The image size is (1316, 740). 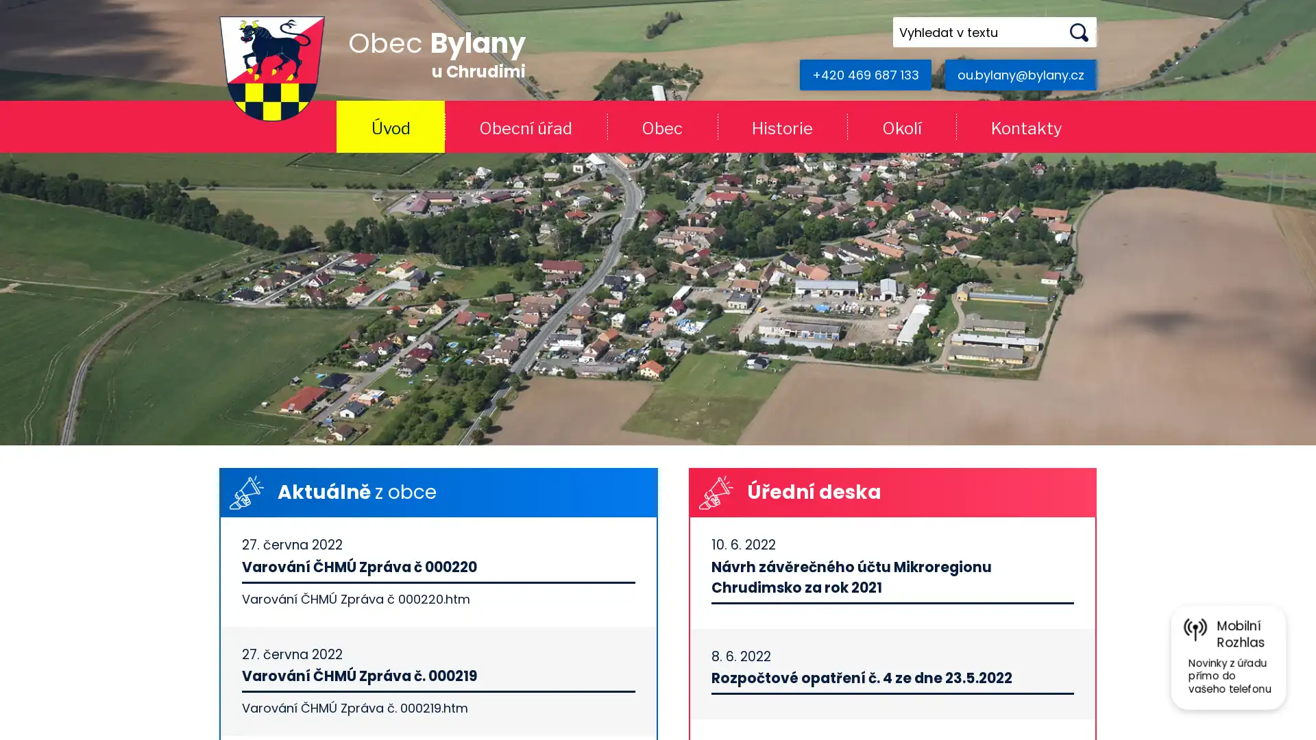 I want to click on Hledat, so click(x=1078, y=31).